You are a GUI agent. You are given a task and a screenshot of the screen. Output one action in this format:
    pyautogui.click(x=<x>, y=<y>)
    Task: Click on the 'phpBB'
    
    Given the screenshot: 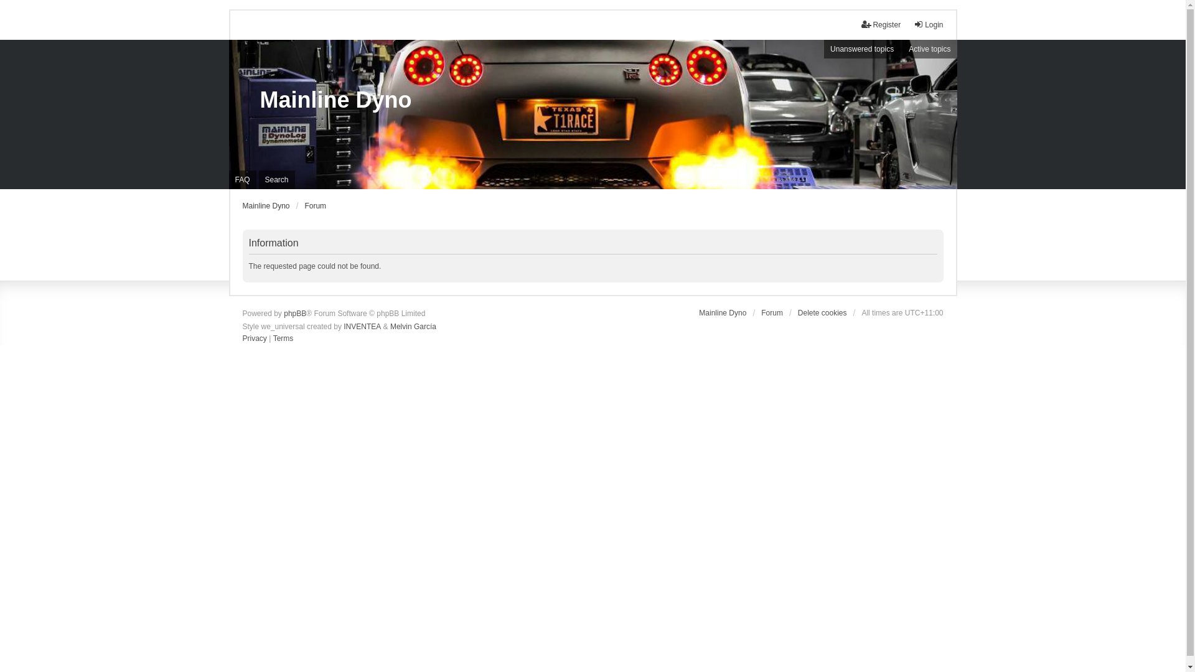 What is the action you would take?
    pyautogui.click(x=283, y=314)
    